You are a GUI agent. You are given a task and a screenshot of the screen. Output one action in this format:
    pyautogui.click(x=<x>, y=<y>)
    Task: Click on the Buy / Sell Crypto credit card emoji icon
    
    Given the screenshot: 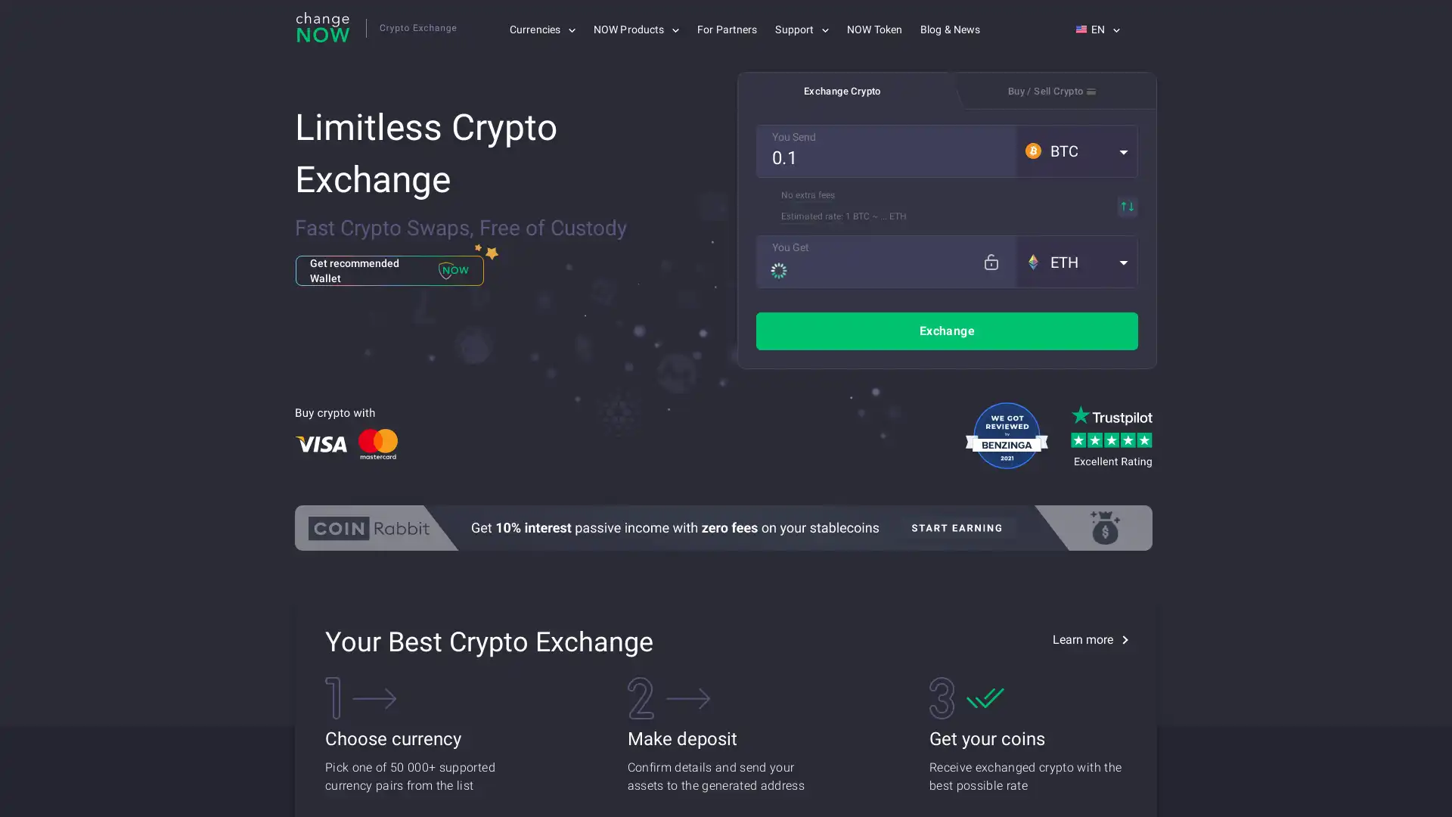 What is the action you would take?
    pyautogui.click(x=1051, y=90)
    